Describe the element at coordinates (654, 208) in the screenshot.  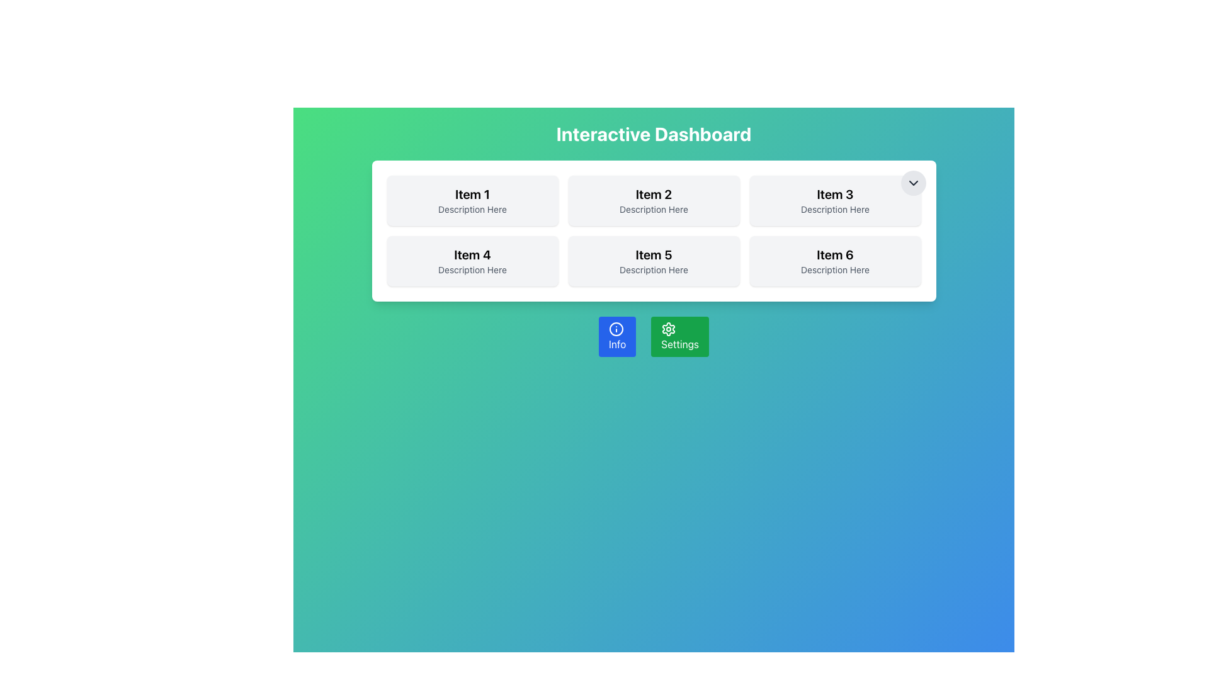
I see `the static text label reading 'Description Here' that is positioned below the title 'Item 2' in the second item box of a horizontally-aligned grid` at that location.